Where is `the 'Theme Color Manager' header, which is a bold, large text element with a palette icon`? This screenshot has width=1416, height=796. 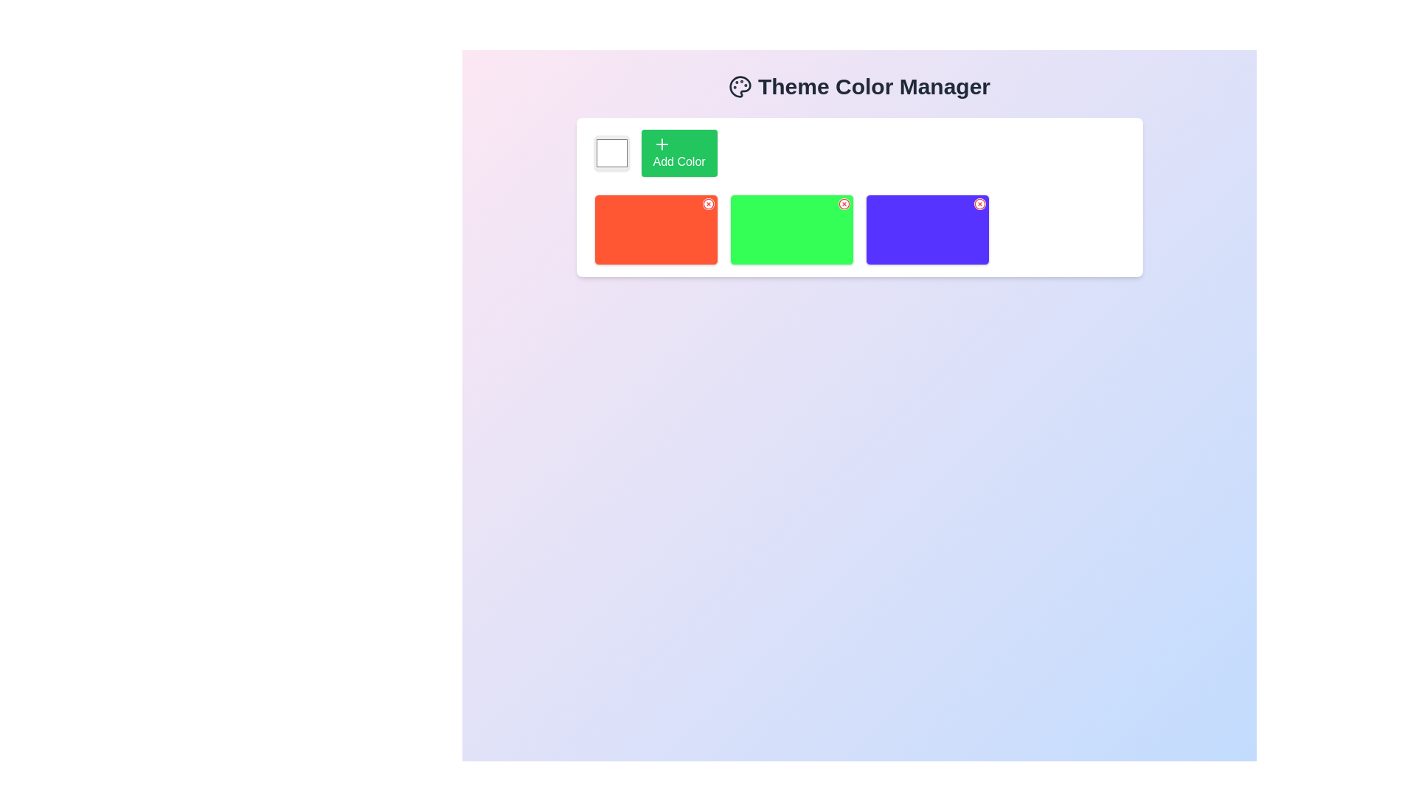
the 'Theme Color Manager' header, which is a bold, large text element with a palette icon is located at coordinates (859, 87).